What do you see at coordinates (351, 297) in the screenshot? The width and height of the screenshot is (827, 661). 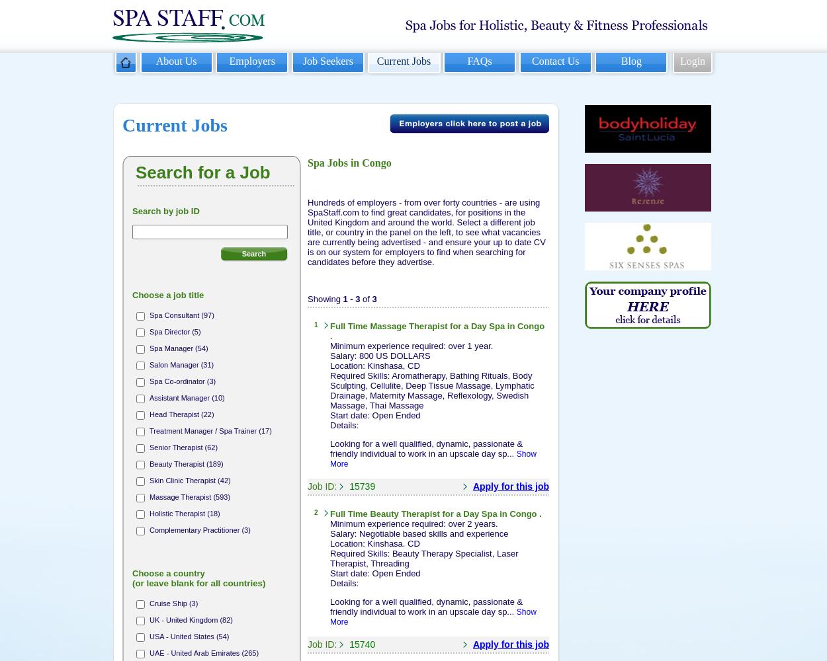 I see `'1 - 3'` at bounding box center [351, 297].